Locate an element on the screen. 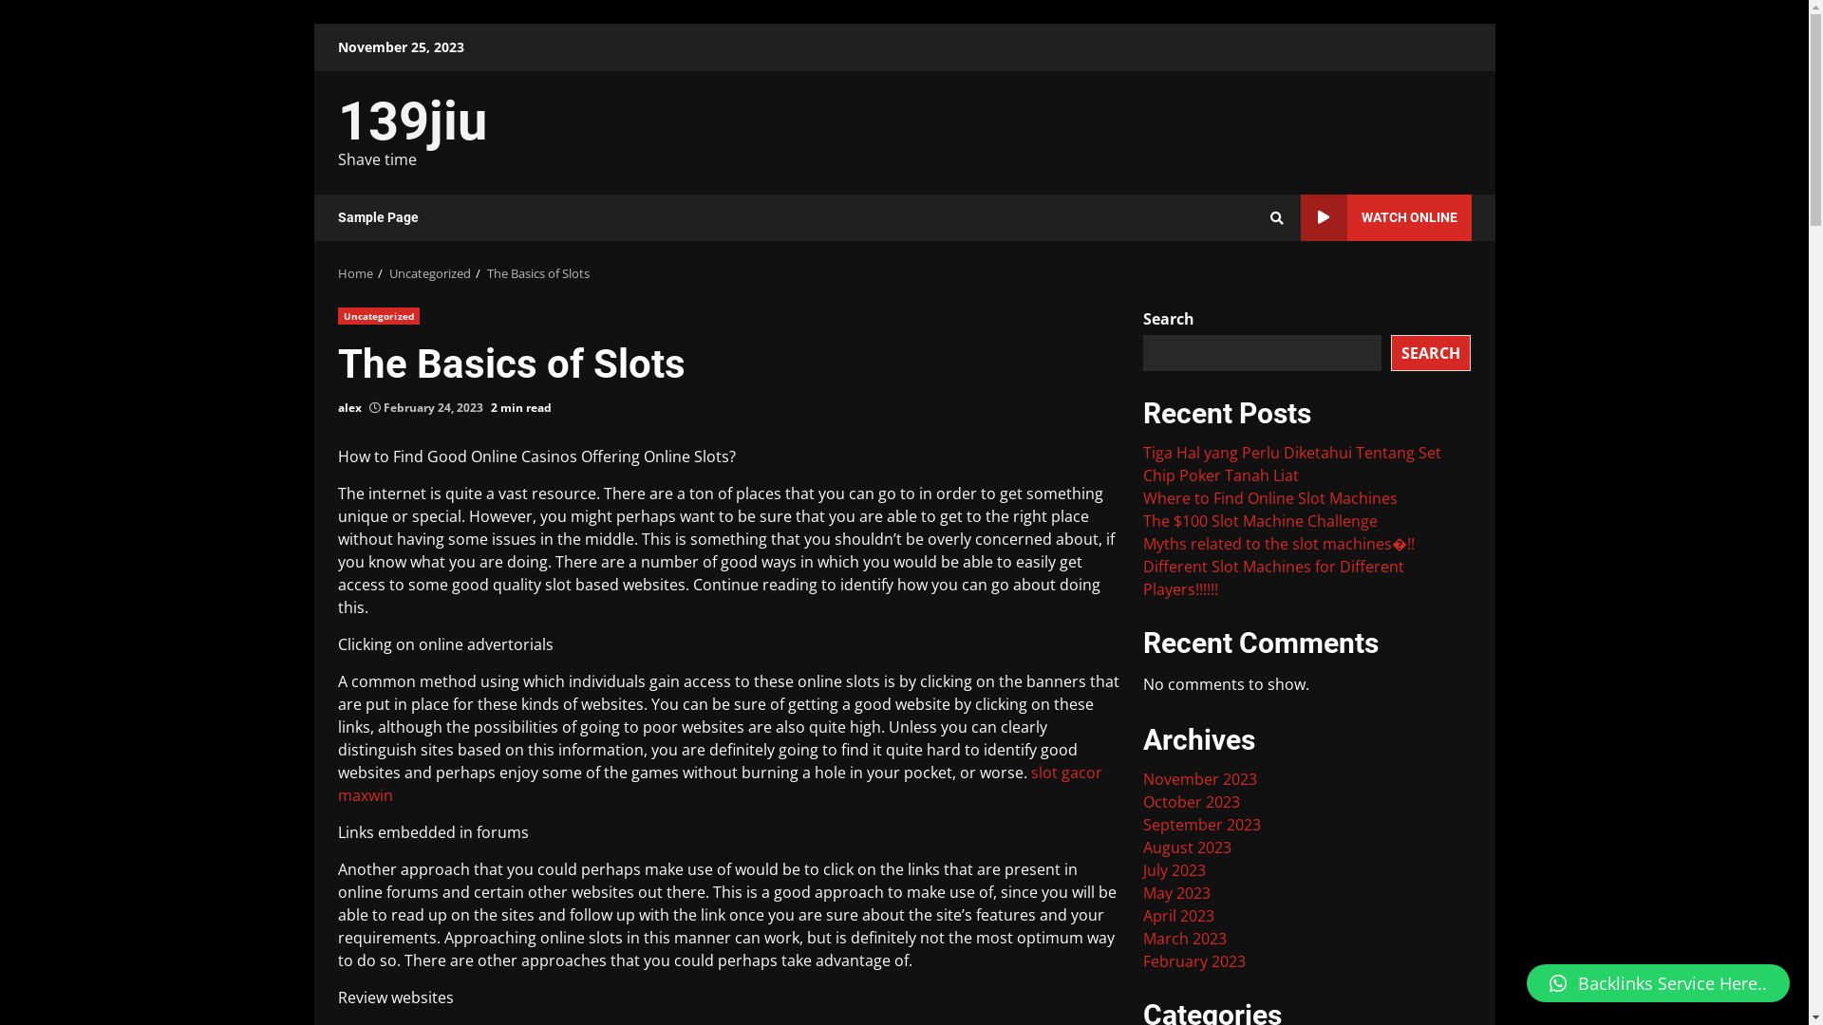  'Uncategorized' is located at coordinates (378, 314).